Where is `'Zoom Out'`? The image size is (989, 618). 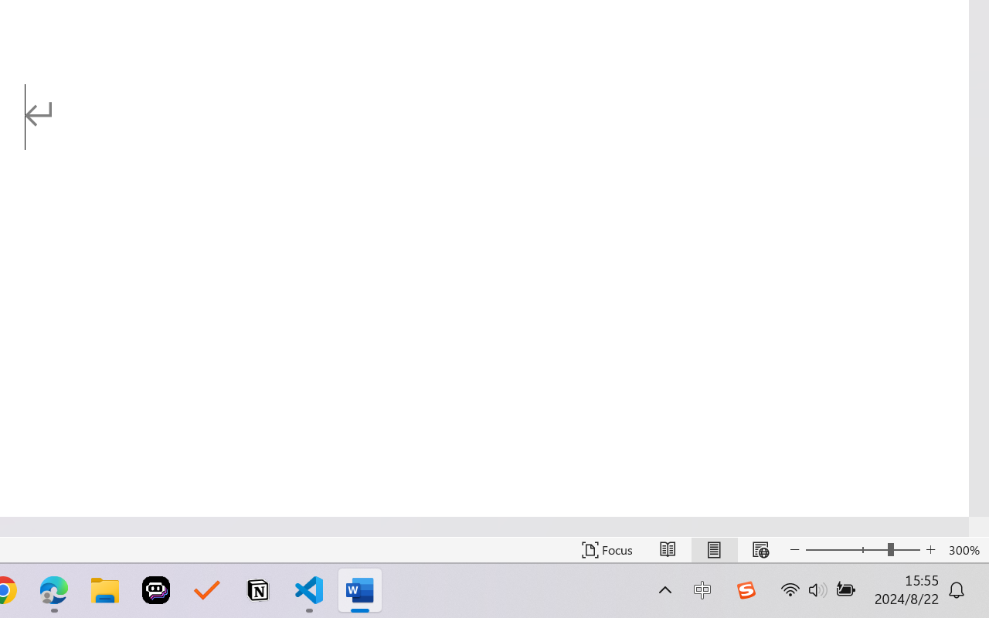
'Zoom Out' is located at coordinates (845, 549).